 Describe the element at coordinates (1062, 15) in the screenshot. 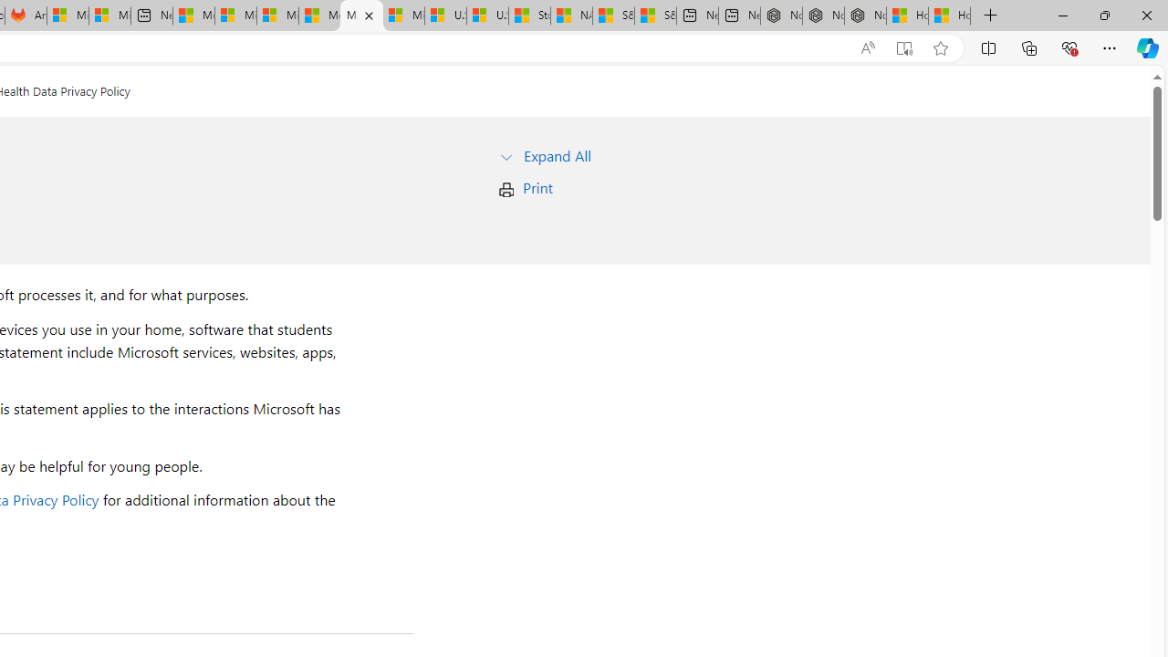

I see `'Minimize'` at that location.